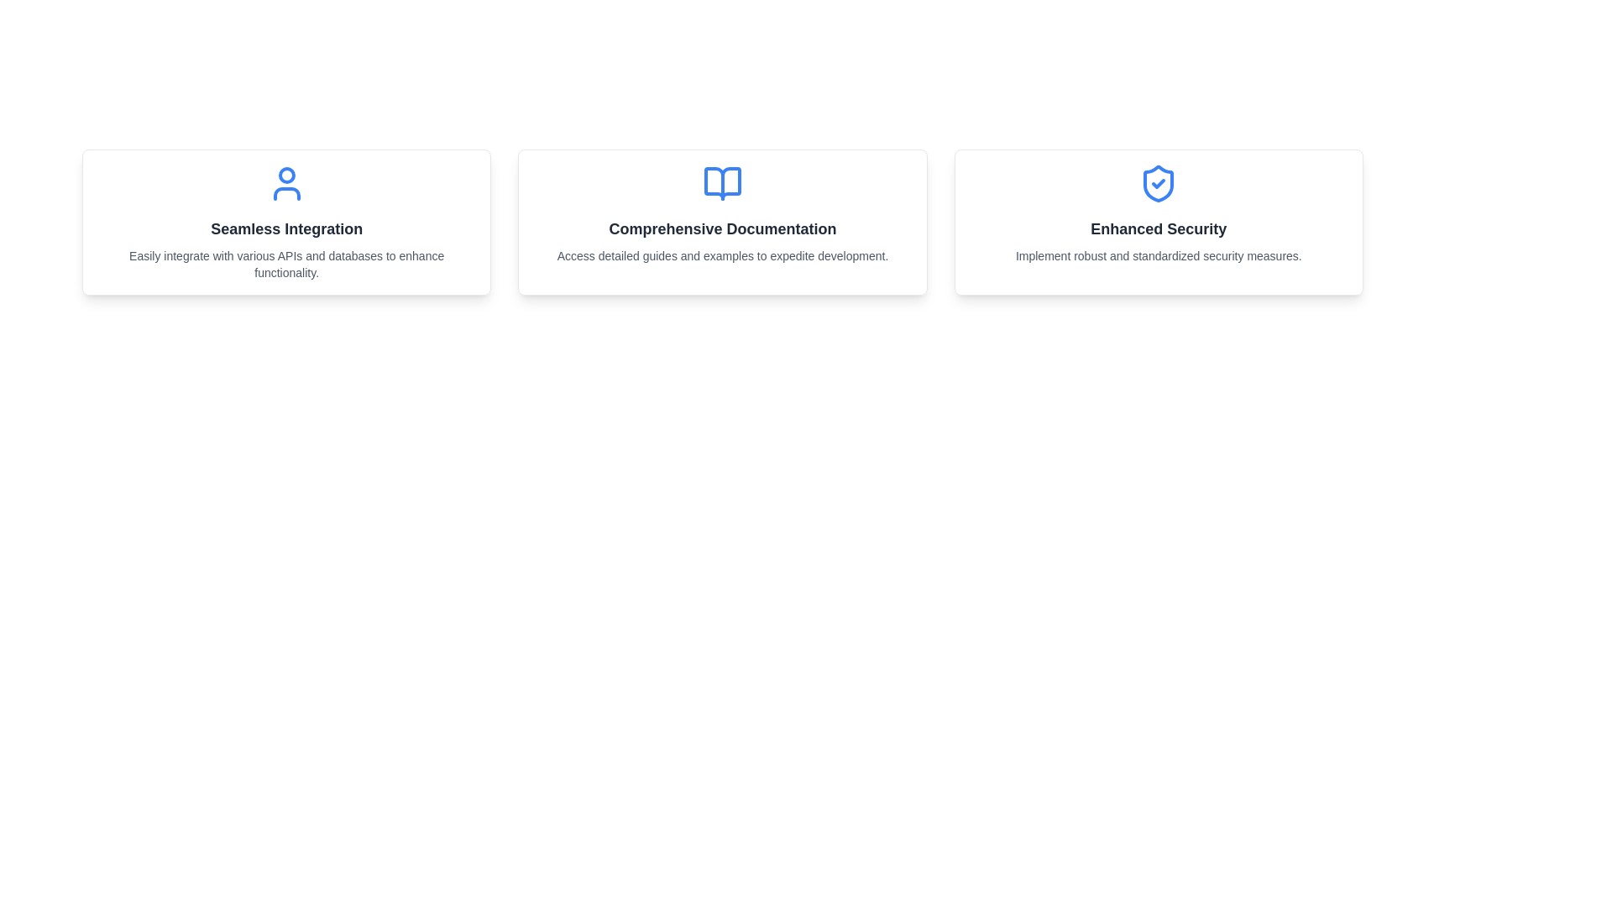 The image size is (1612, 907). I want to click on the user icon located in the first card above the text 'Seamless Integration', so click(286, 184).